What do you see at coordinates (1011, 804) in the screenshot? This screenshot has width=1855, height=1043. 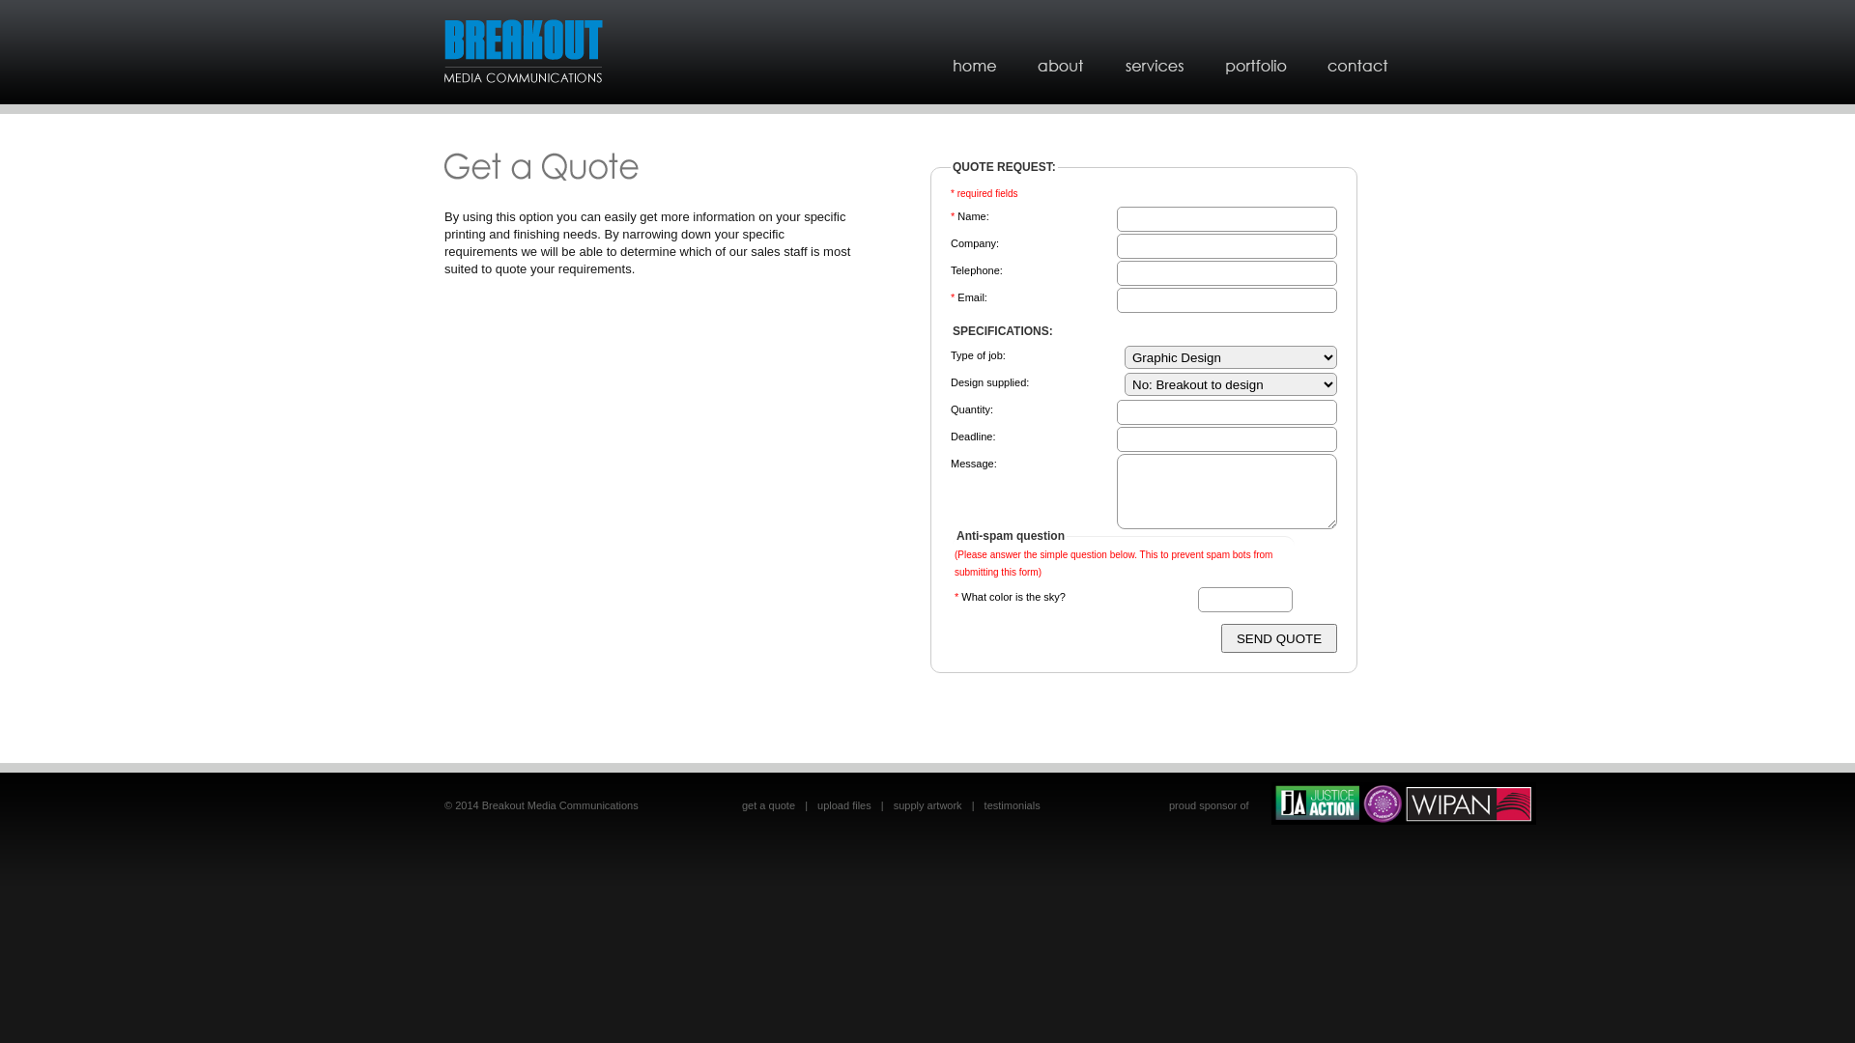 I see `'testimonials'` at bounding box center [1011, 804].